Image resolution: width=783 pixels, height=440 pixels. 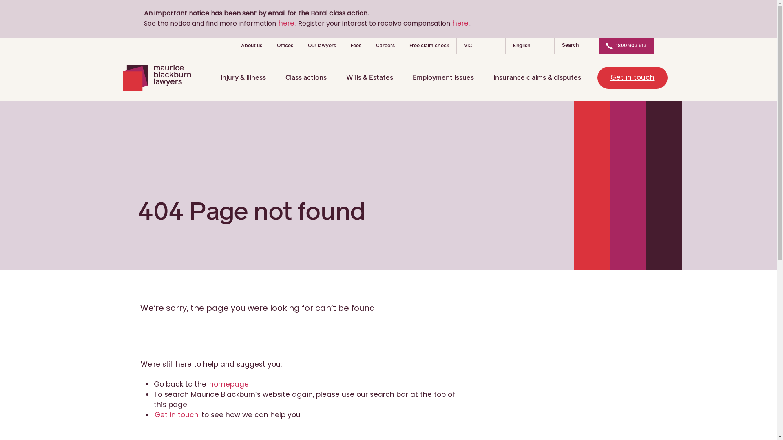 I want to click on 'Wills & Estates', so click(x=375, y=78).